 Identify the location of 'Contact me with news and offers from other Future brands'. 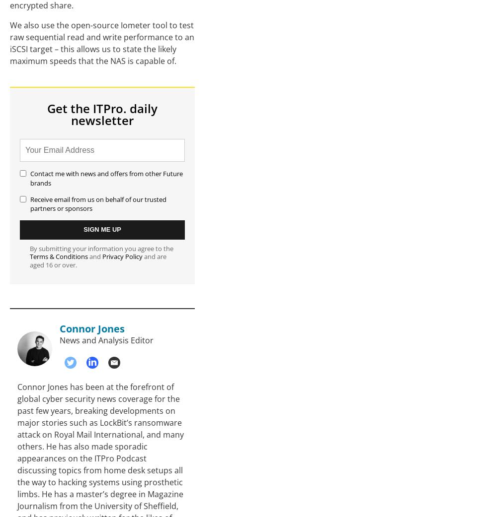
(106, 177).